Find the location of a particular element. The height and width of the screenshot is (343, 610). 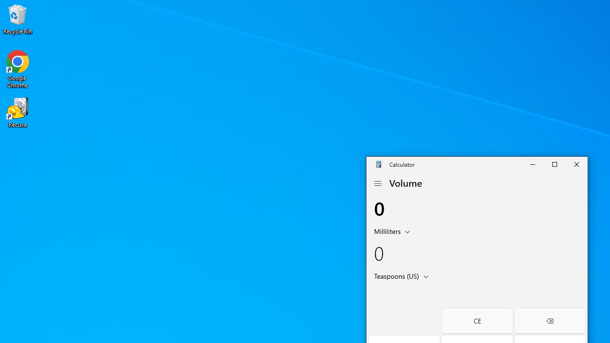

'Open Navigation' is located at coordinates (377, 183).